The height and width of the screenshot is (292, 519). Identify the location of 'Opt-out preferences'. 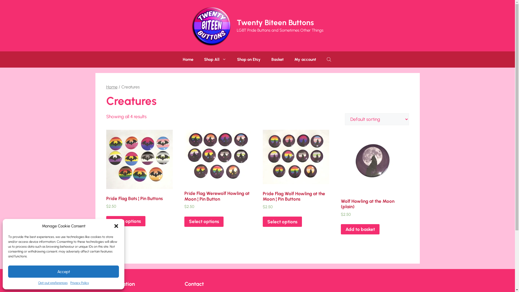
(53, 282).